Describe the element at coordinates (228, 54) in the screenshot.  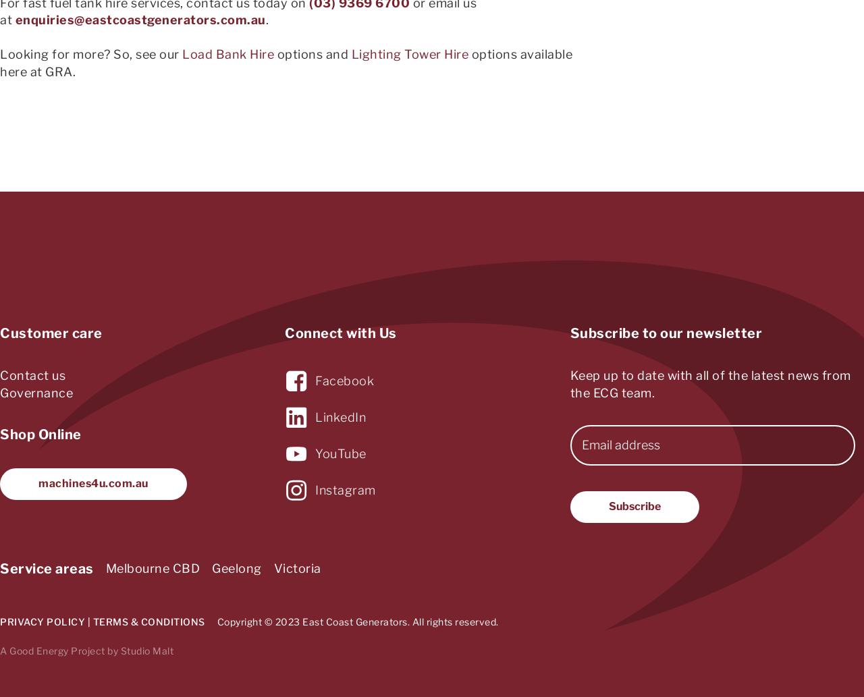
I see `'Load Bank Hire'` at that location.